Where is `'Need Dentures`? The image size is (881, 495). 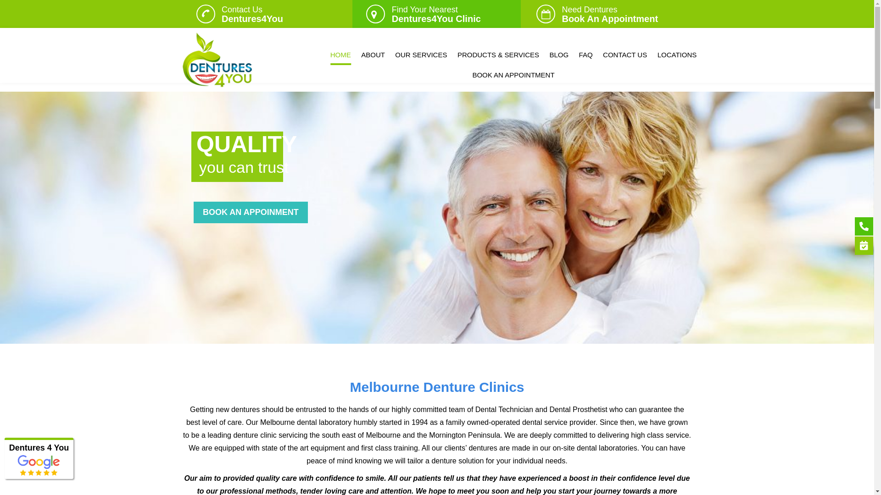
'Need Dentures is located at coordinates (610, 14).